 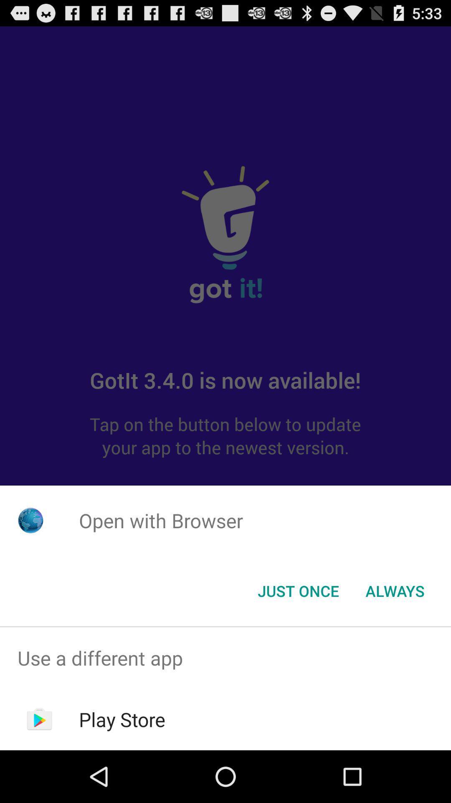 I want to click on app below the open with browser icon, so click(x=298, y=590).